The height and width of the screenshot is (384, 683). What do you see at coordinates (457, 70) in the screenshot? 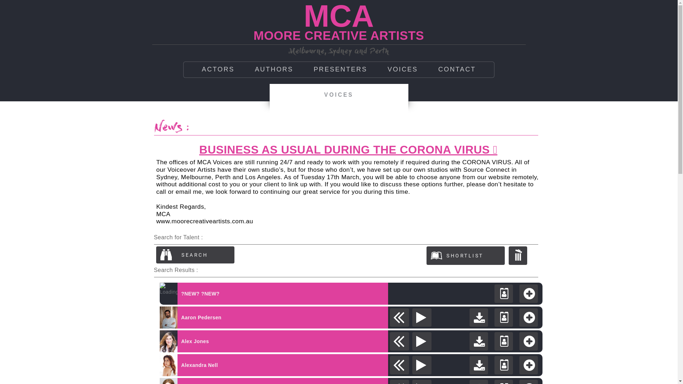
I see `'CONTACT'` at bounding box center [457, 70].